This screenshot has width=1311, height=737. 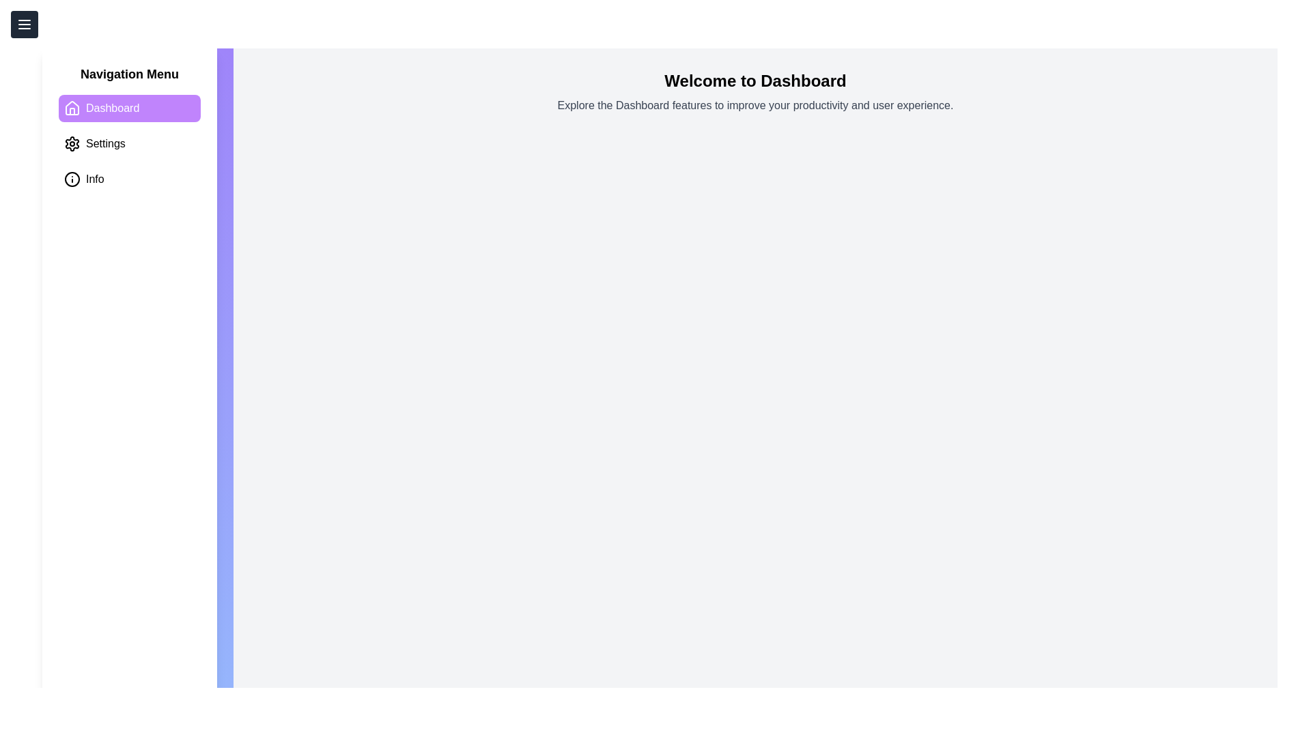 What do you see at coordinates (130, 144) in the screenshot?
I see `the tab Settings in the navigation menu` at bounding box center [130, 144].